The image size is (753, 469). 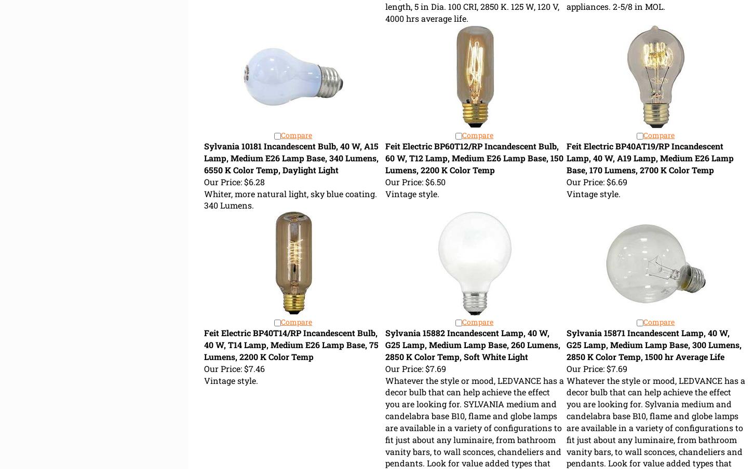 What do you see at coordinates (614, 181) in the screenshot?
I see `'$6.69'` at bounding box center [614, 181].